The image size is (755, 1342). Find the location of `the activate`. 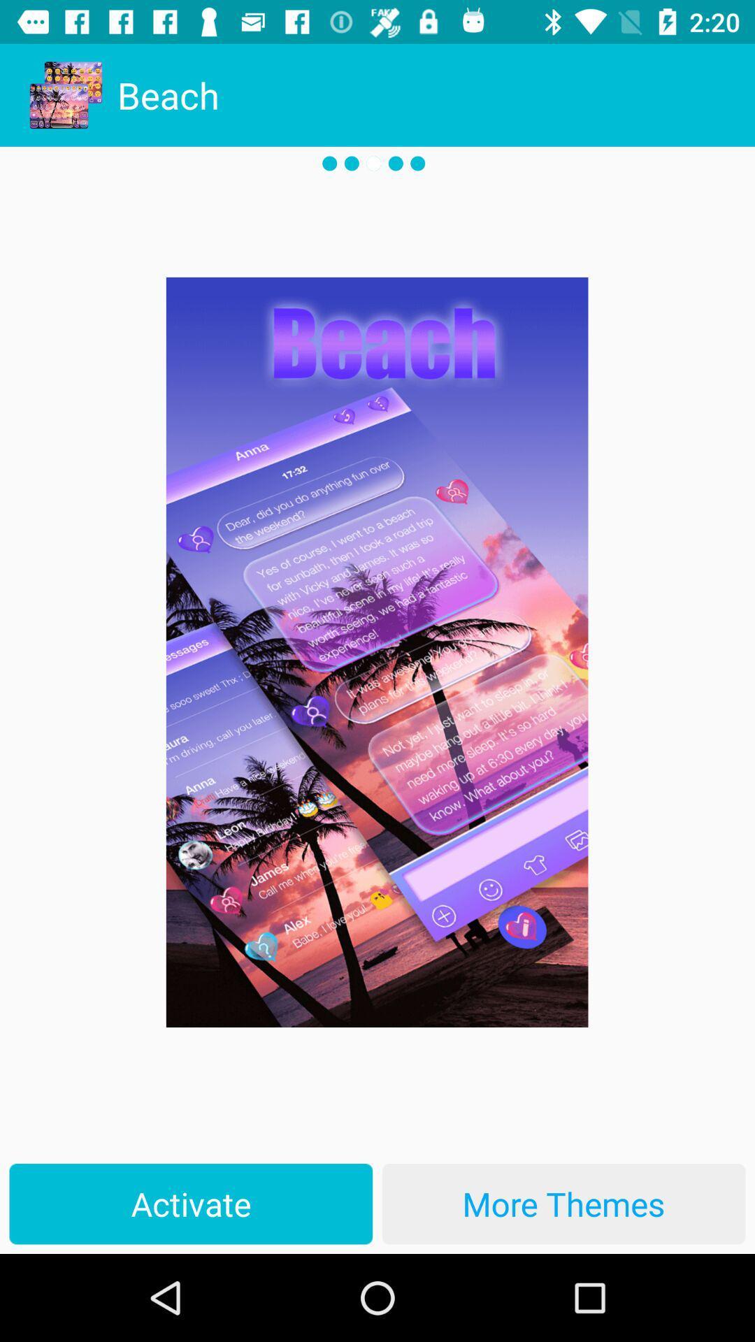

the activate is located at coordinates (191, 1203).